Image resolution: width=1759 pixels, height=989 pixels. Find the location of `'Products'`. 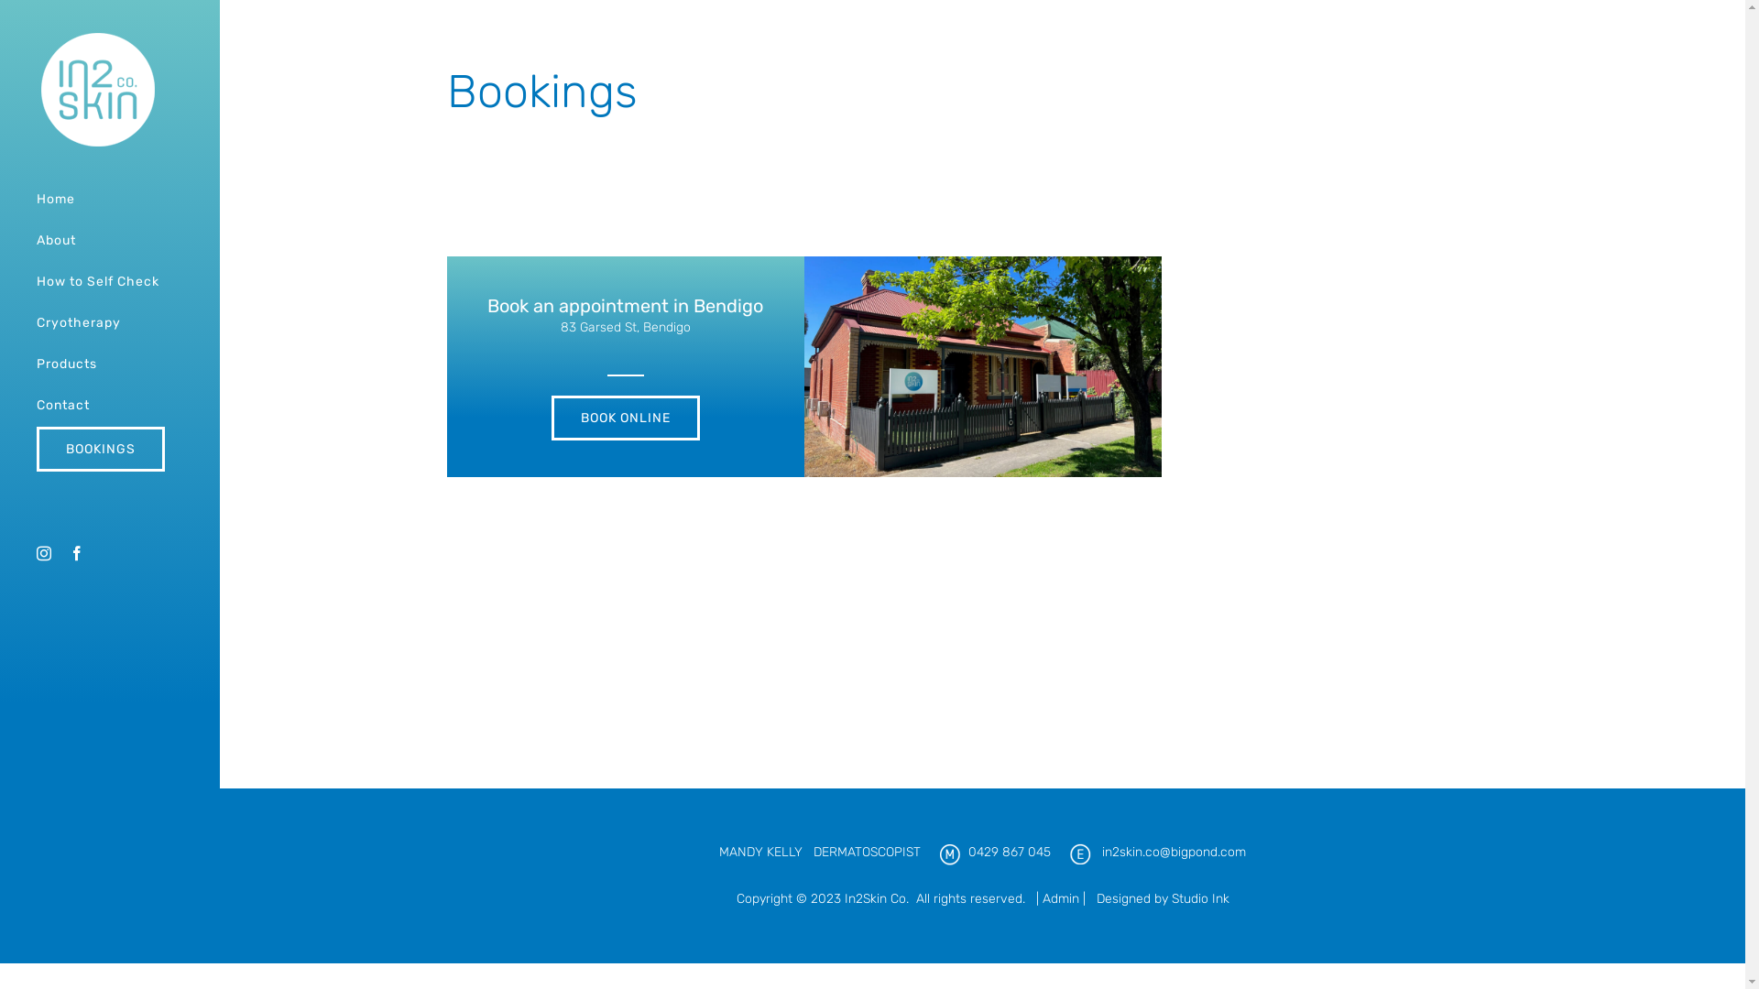

'Products' is located at coordinates (108, 364).